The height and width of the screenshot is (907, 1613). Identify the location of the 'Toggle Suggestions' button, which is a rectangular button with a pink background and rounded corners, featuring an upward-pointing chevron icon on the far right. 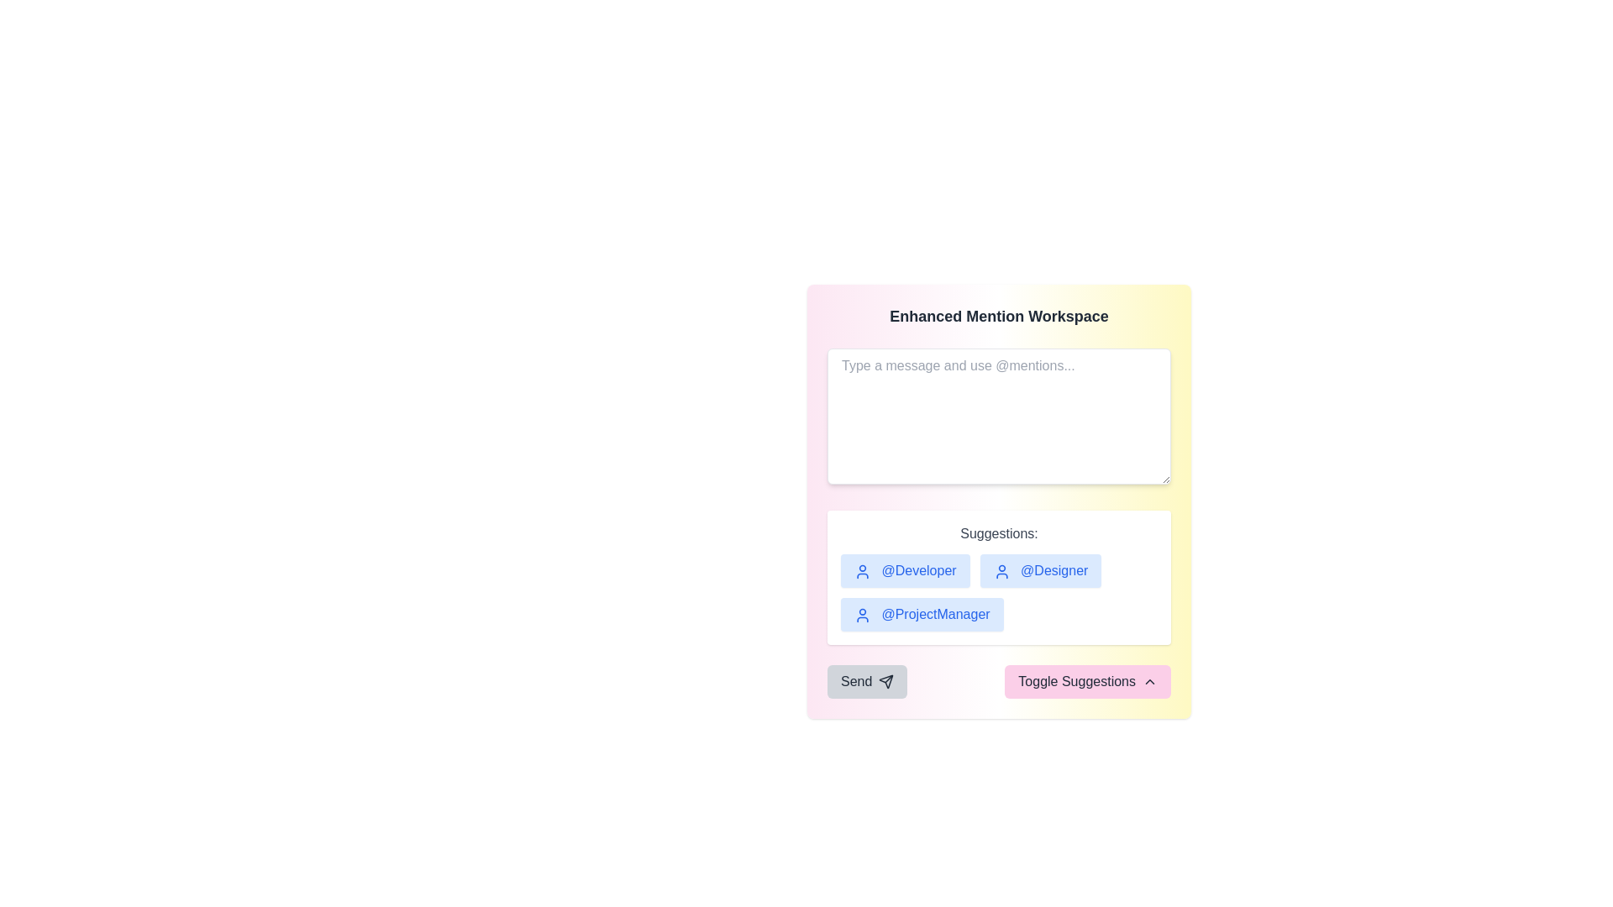
(1088, 682).